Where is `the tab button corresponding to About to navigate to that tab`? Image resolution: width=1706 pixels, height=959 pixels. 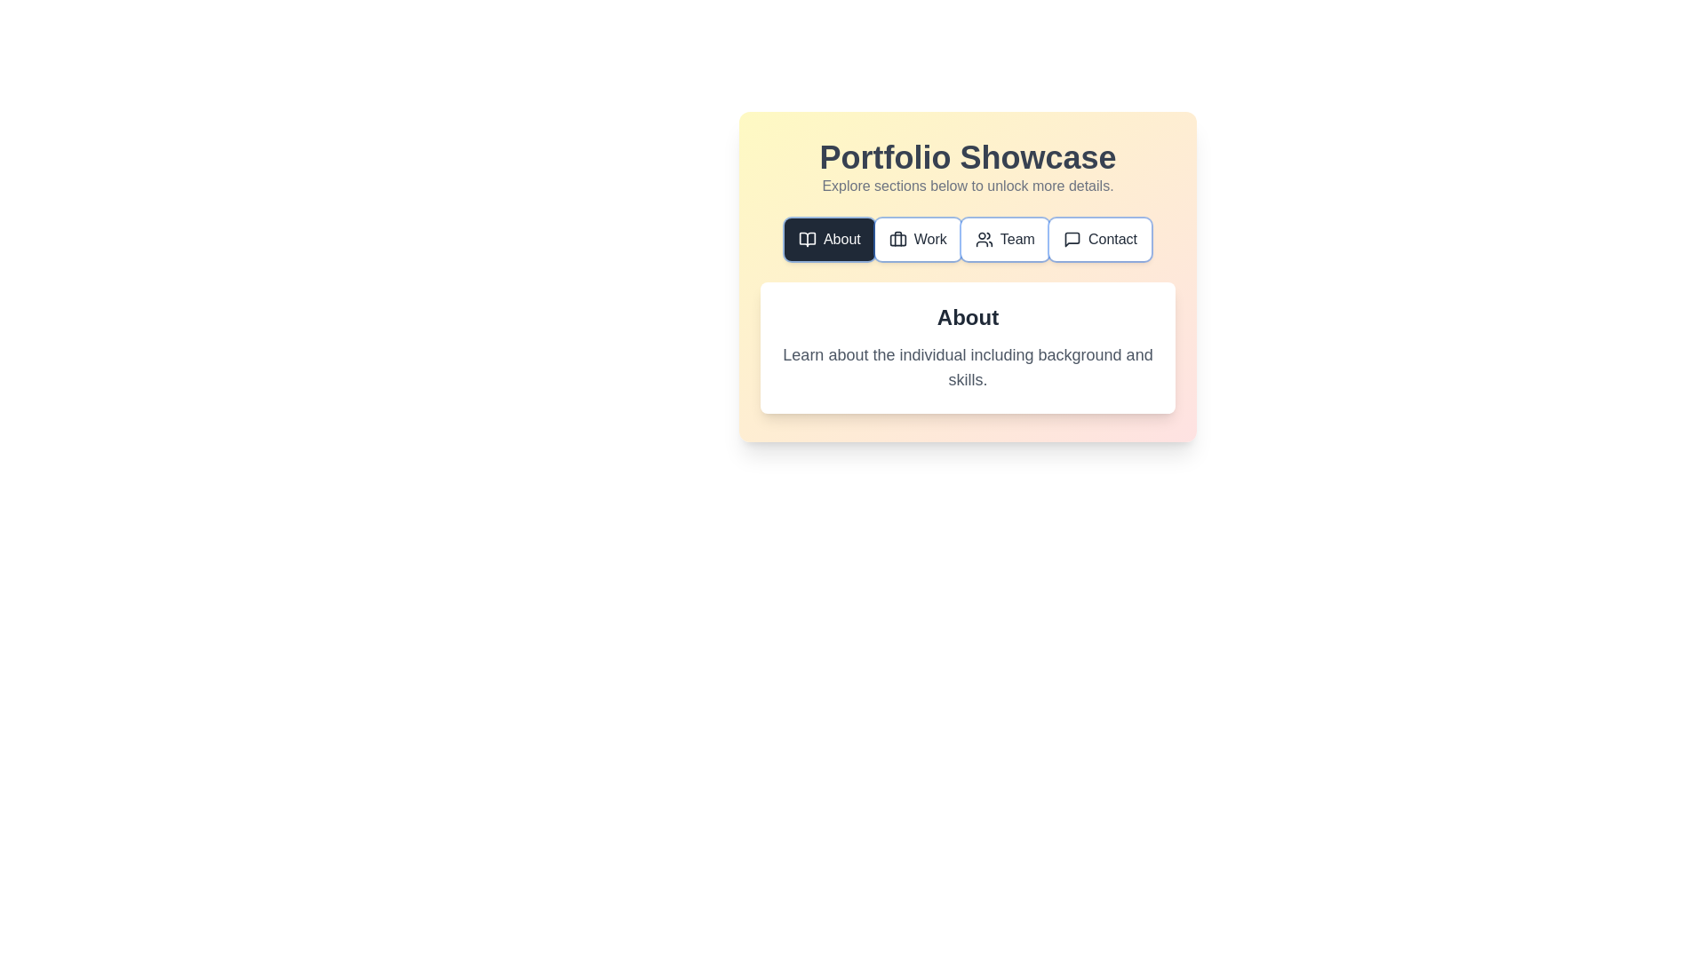
the tab button corresponding to About to navigate to that tab is located at coordinates (828, 240).